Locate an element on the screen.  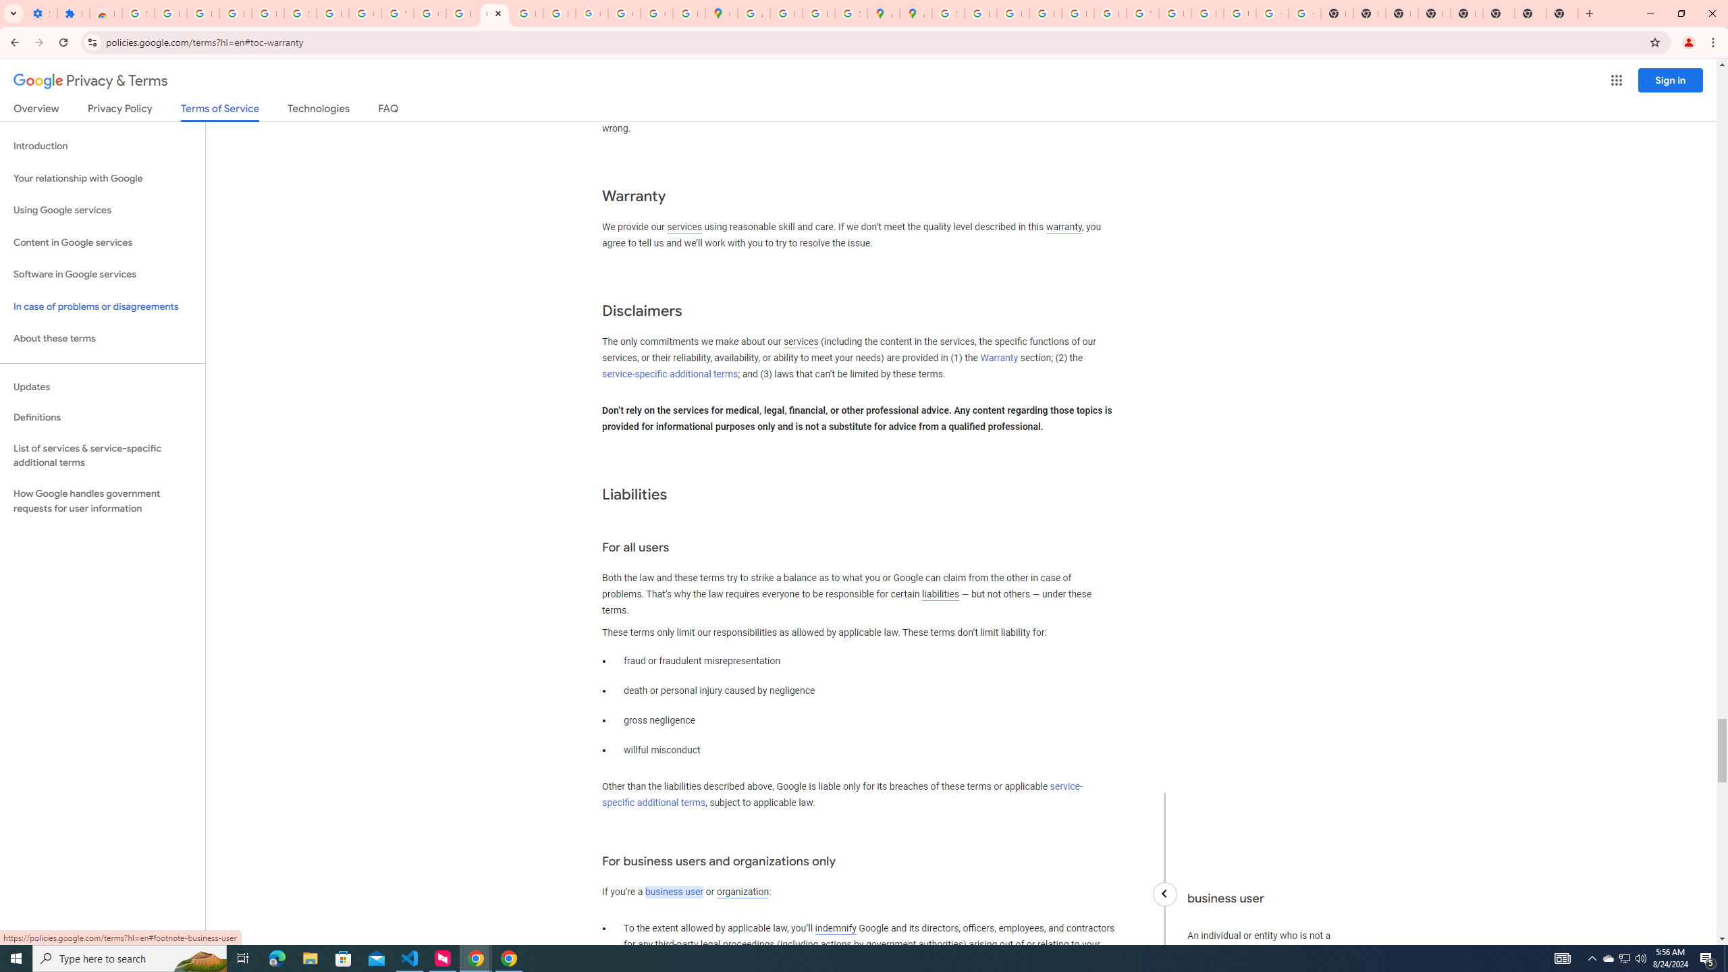
'YouTube' is located at coordinates (396, 13).